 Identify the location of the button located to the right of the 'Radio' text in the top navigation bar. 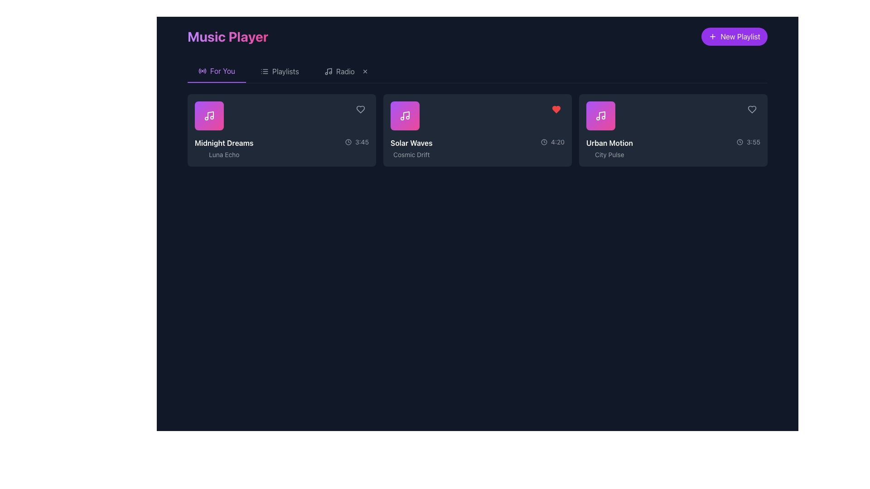
(365, 71).